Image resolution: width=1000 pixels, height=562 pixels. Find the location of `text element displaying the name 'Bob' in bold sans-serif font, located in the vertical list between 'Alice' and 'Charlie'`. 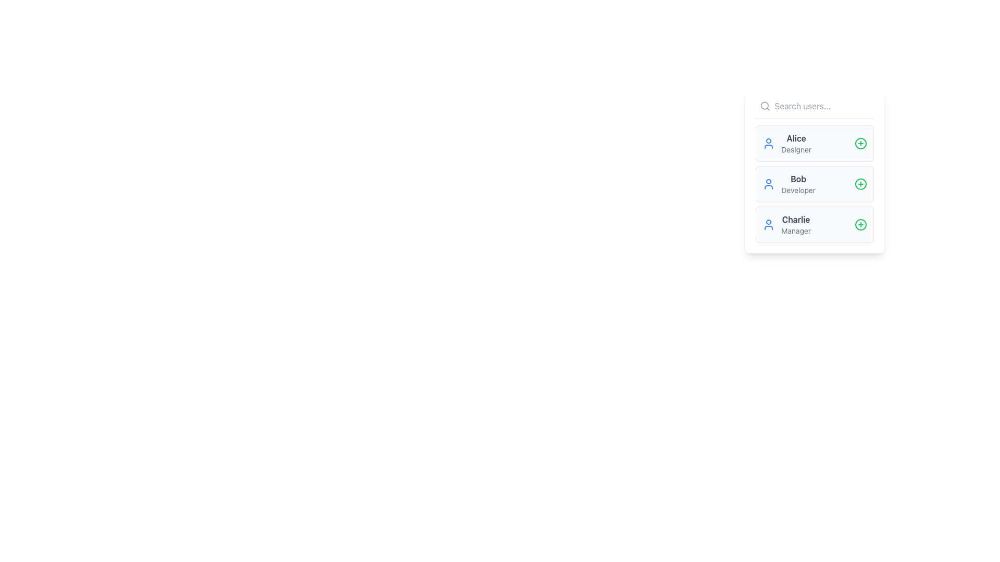

text element displaying the name 'Bob' in bold sans-serif font, located in the vertical list between 'Alice' and 'Charlie' is located at coordinates (798, 178).